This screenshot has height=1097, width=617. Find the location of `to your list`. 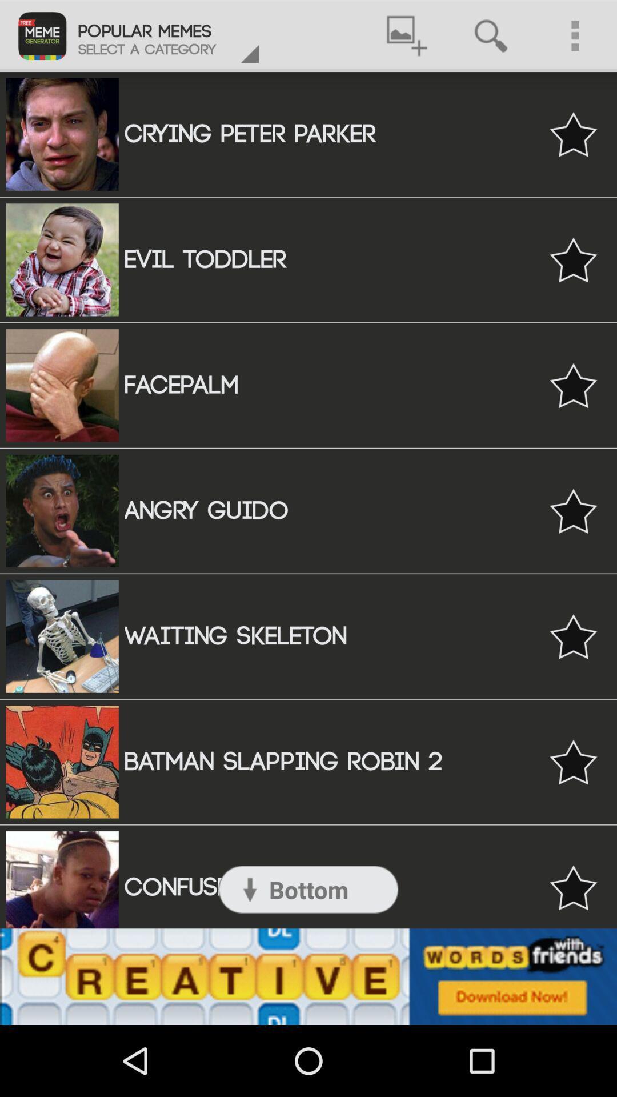

to your list is located at coordinates (573, 134).